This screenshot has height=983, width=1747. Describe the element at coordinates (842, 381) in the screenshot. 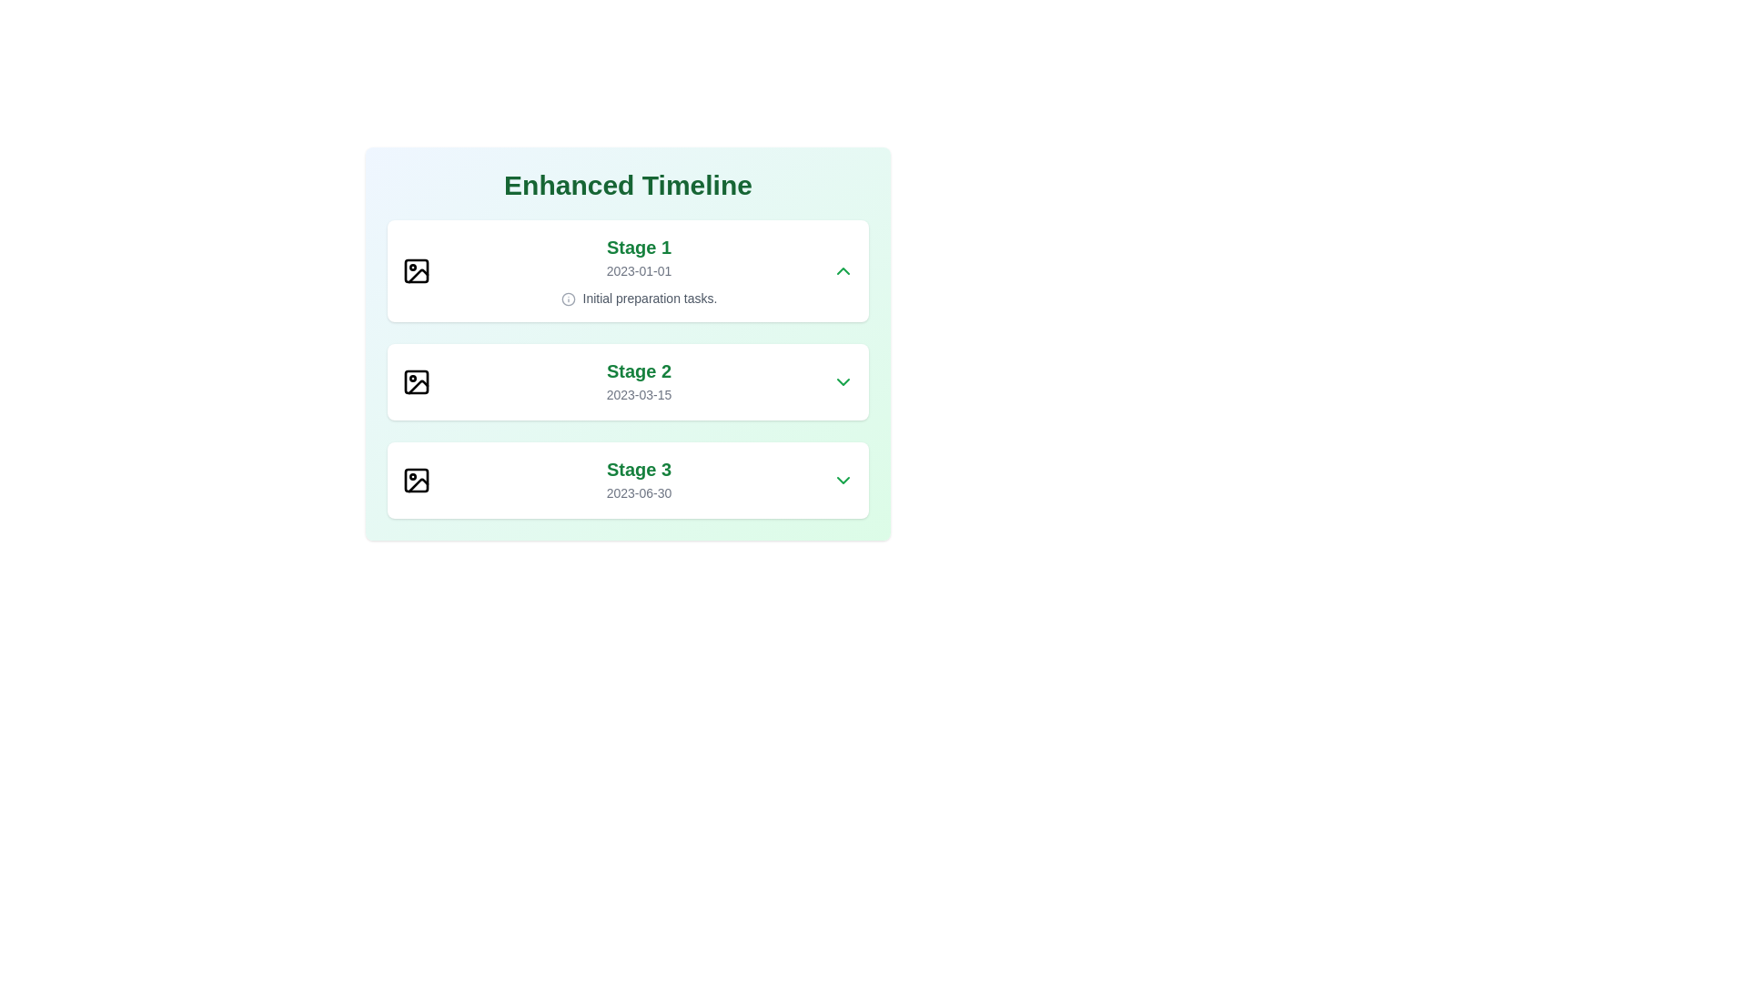

I see `the green downward chevron icon in the top-right corner of the 'Stage 2' card` at that location.